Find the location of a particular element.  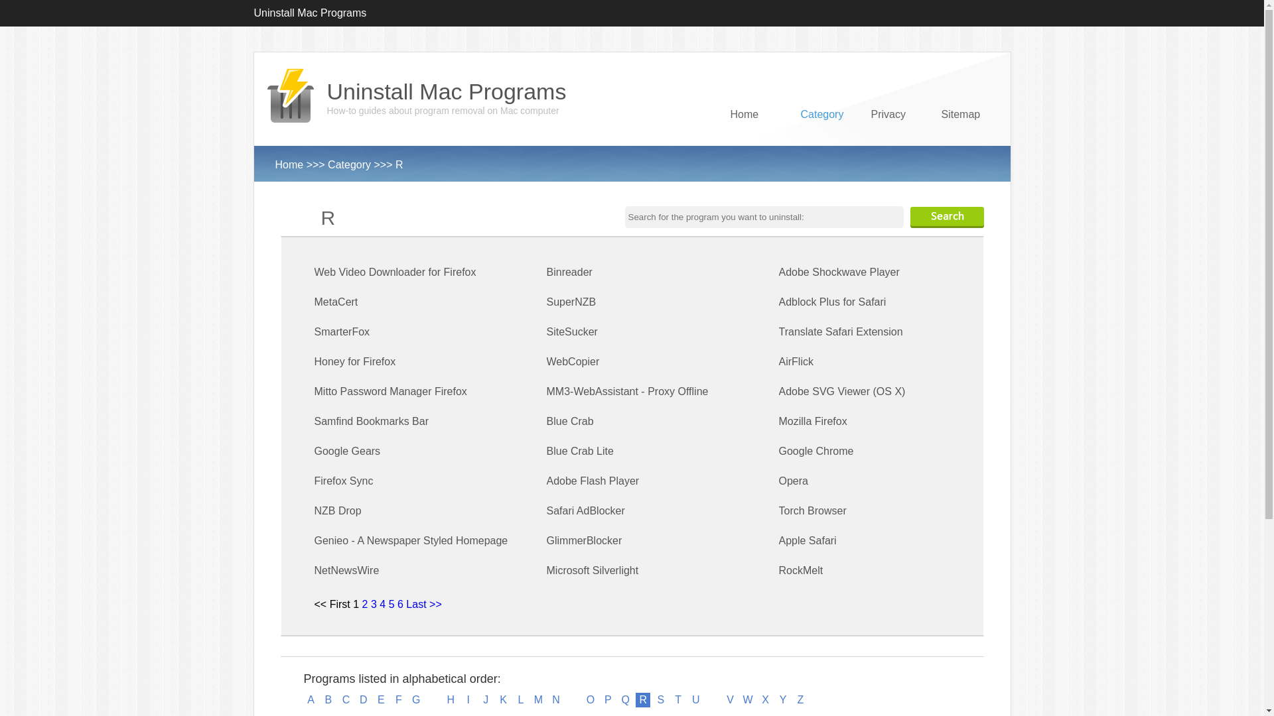

'4' is located at coordinates (382, 604).